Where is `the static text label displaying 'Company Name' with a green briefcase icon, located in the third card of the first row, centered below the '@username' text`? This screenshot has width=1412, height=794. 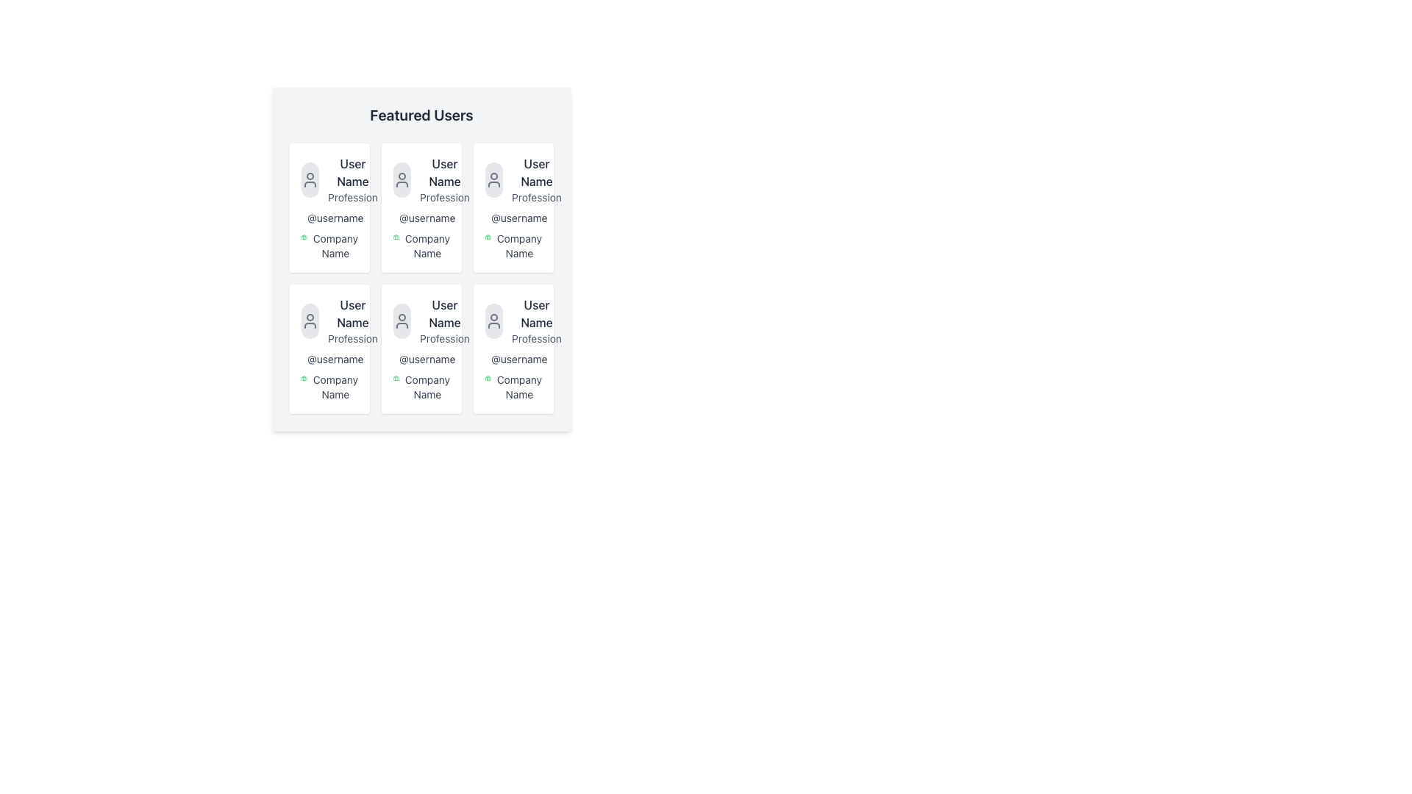
the static text label displaying 'Company Name' with a green briefcase icon, located in the third card of the first row, centered below the '@username' text is located at coordinates (421, 246).